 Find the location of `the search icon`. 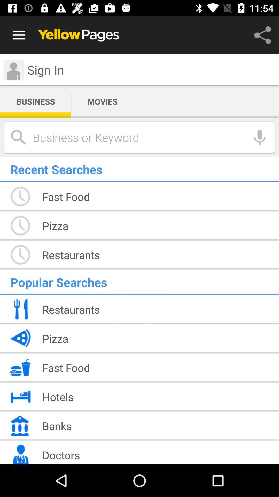

the search icon is located at coordinates (18, 137).